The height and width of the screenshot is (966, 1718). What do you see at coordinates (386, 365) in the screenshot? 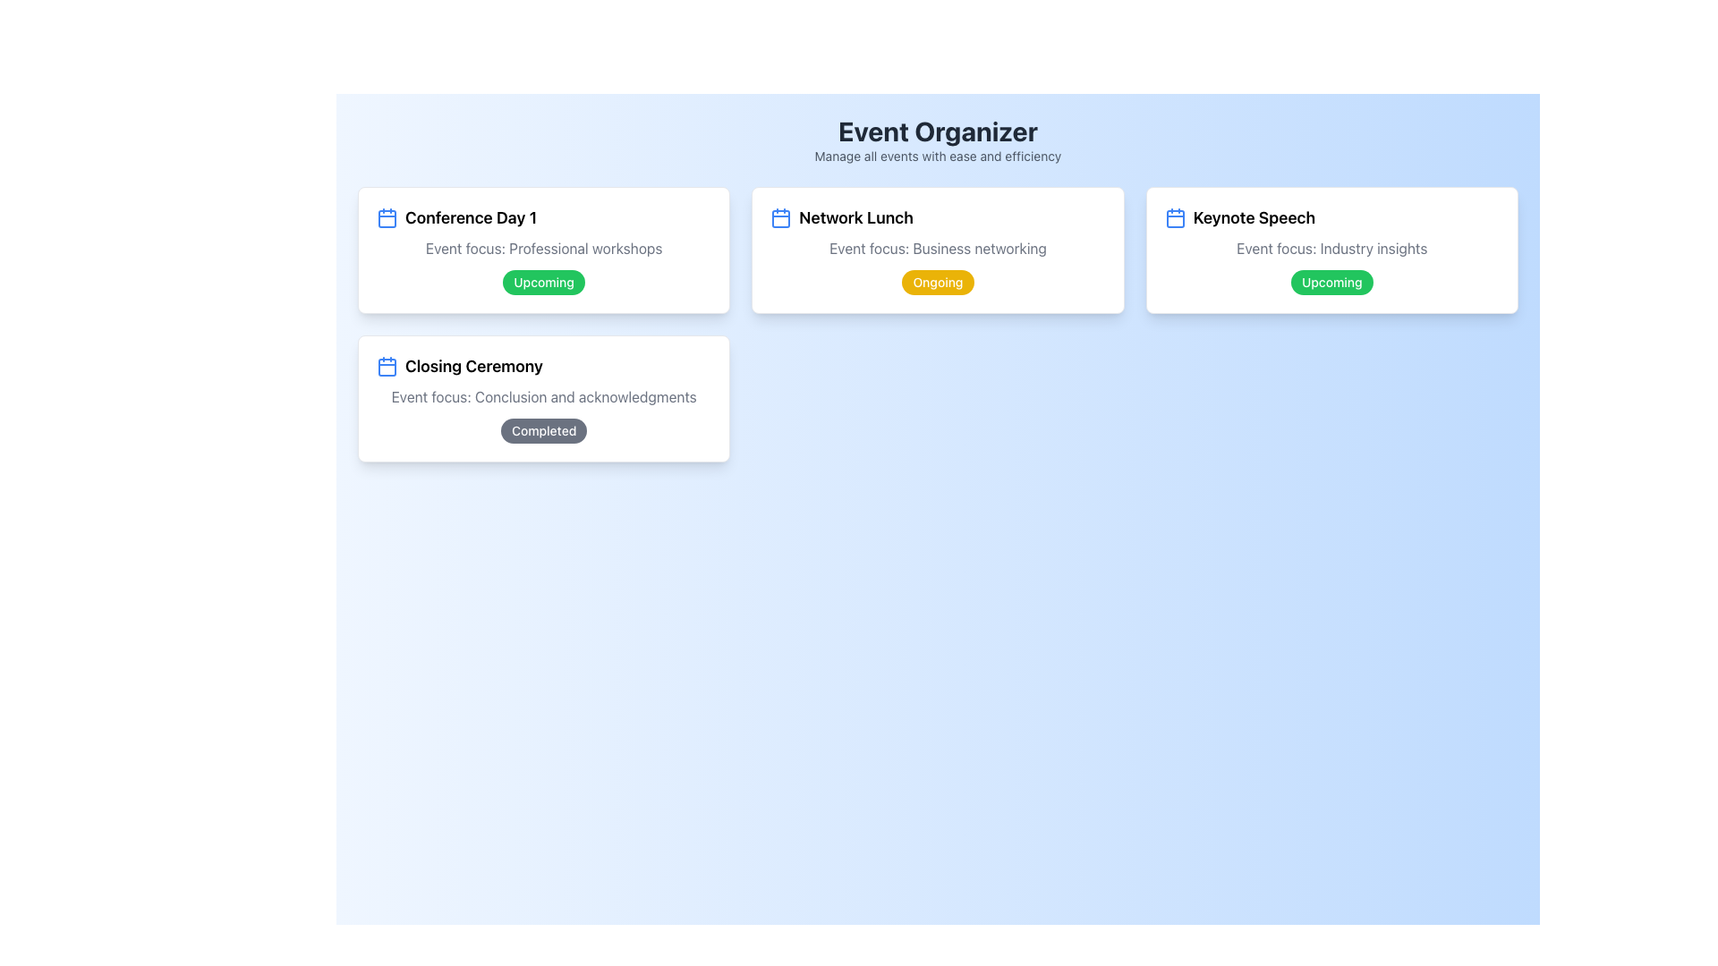
I see `the calendar icon located at the top-left corner of the 'Closing Ceremony' section, which visually indicates calendar-related features or event information` at bounding box center [386, 365].